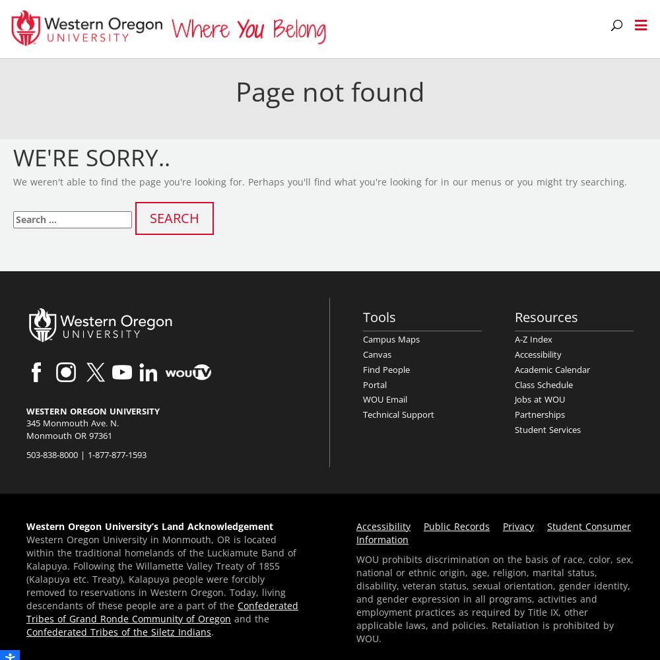  What do you see at coordinates (379, 316) in the screenshot?
I see `'Tools'` at bounding box center [379, 316].